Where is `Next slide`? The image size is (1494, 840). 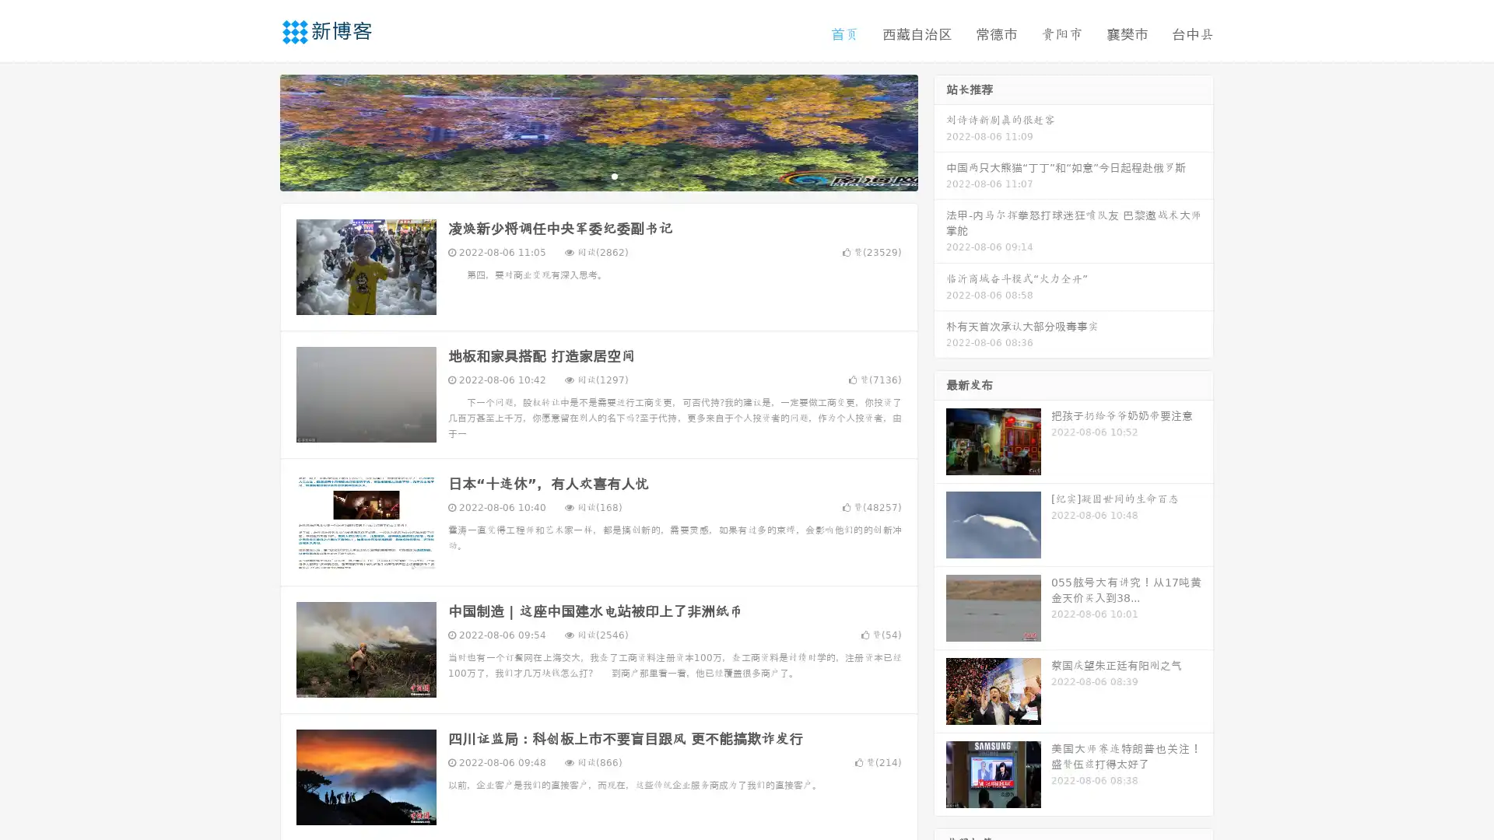 Next slide is located at coordinates (940, 131).